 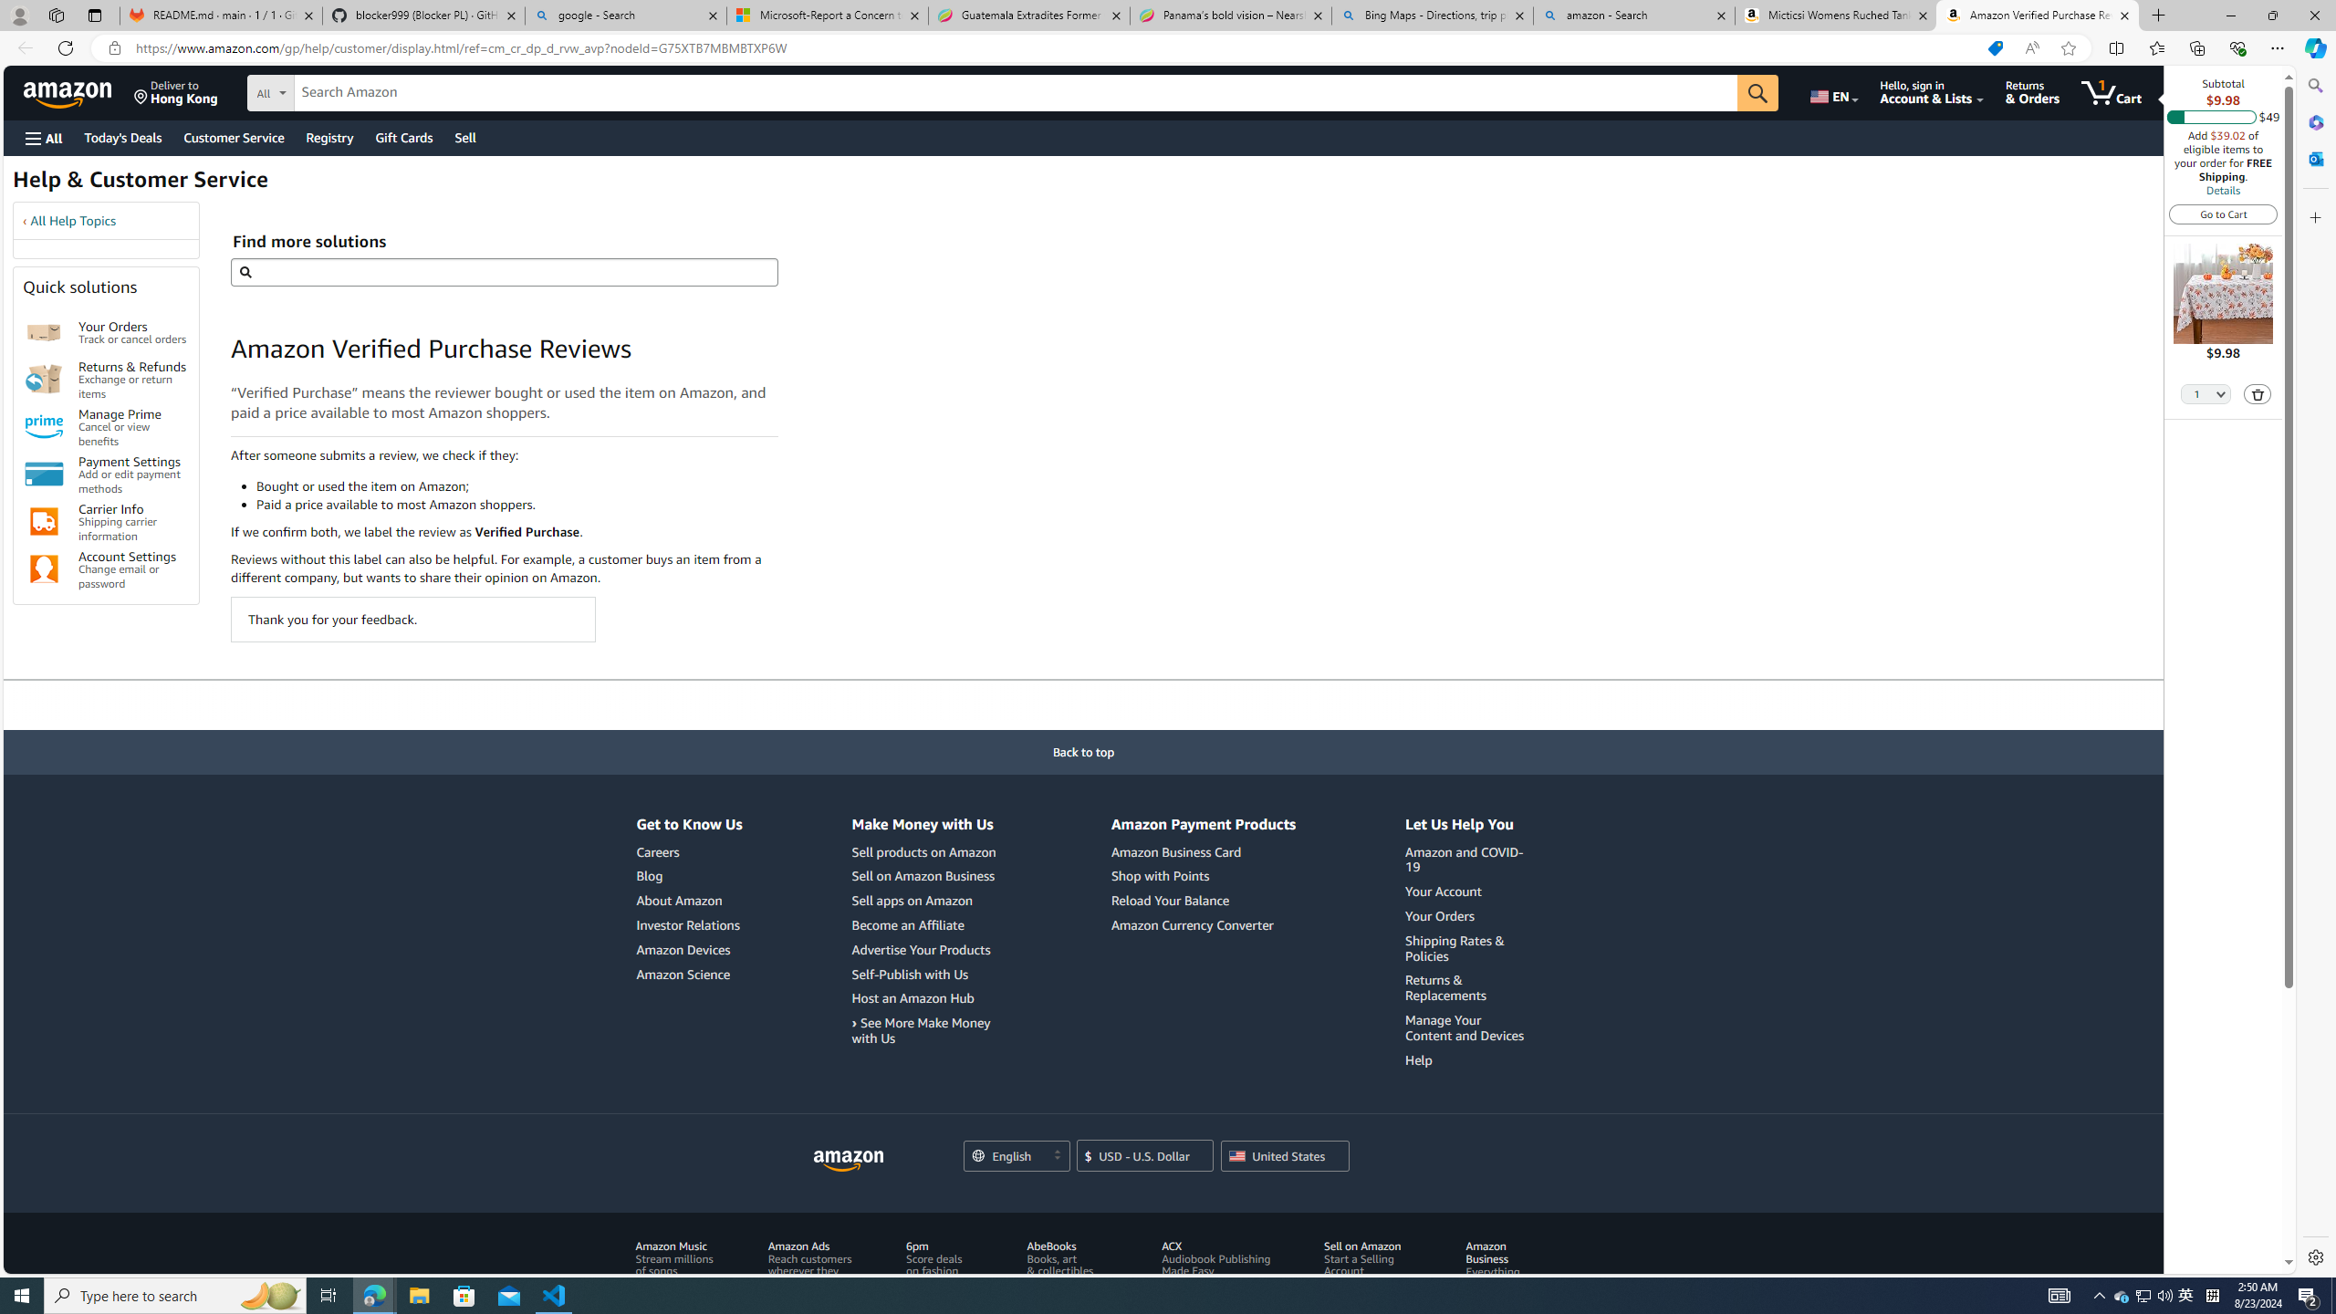 What do you see at coordinates (1418, 1058) in the screenshot?
I see `'Help'` at bounding box center [1418, 1058].